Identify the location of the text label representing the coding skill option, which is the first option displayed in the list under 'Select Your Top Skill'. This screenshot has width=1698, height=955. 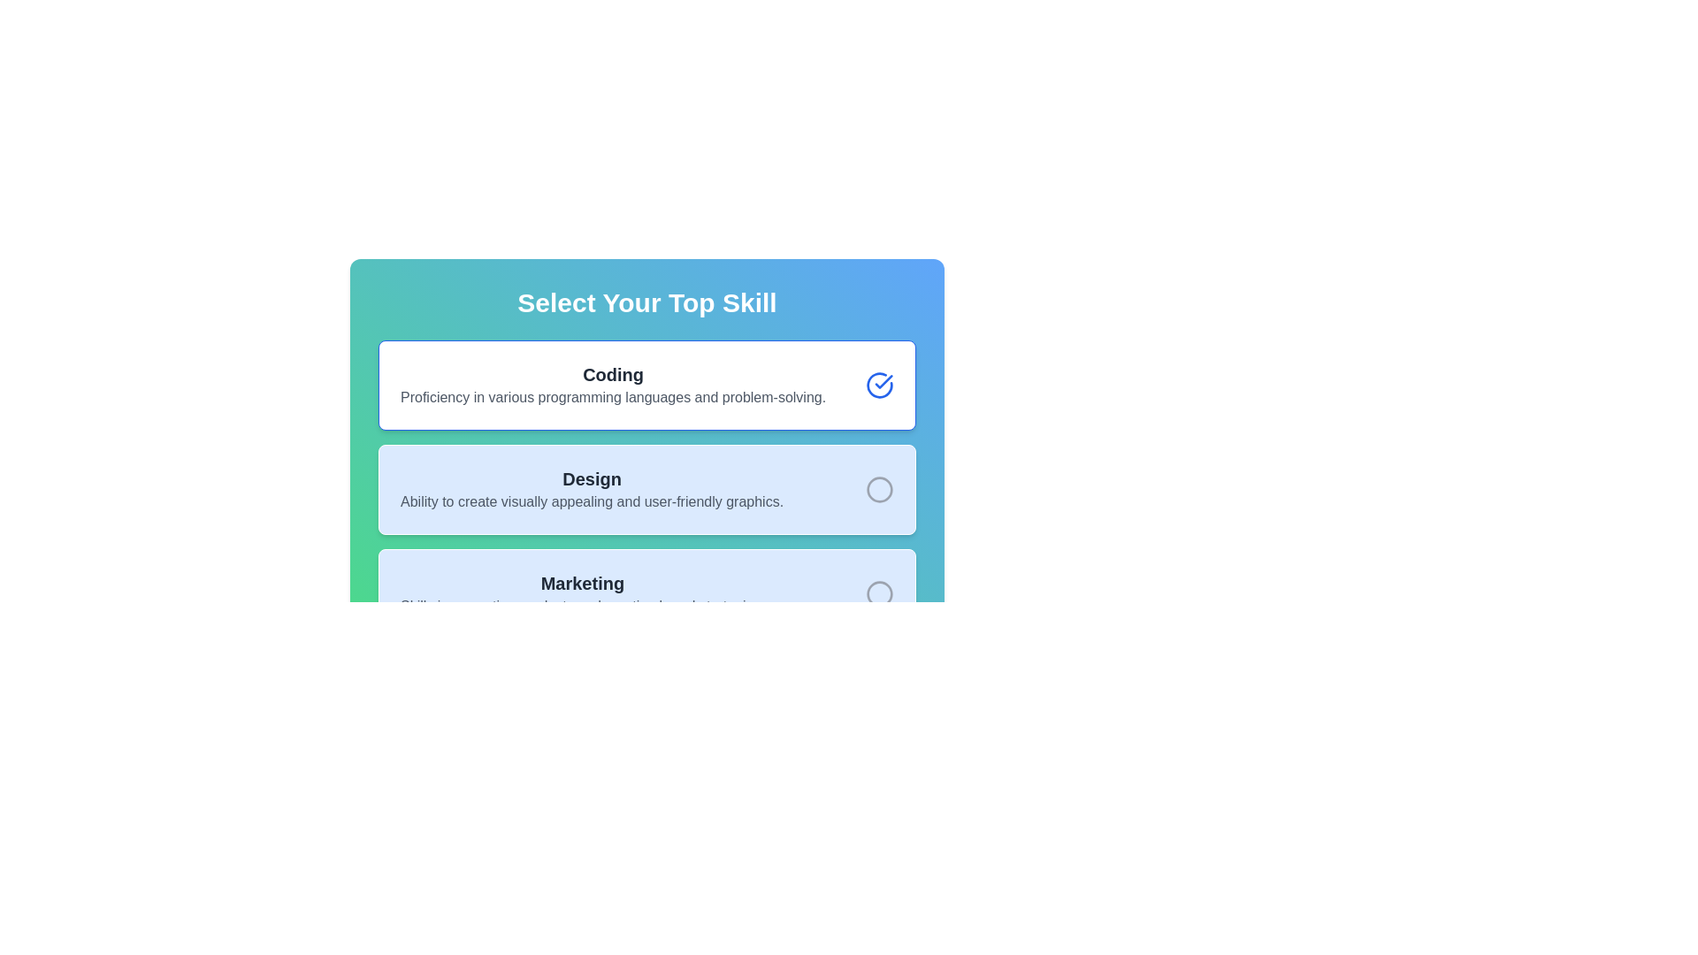
(613, 374).